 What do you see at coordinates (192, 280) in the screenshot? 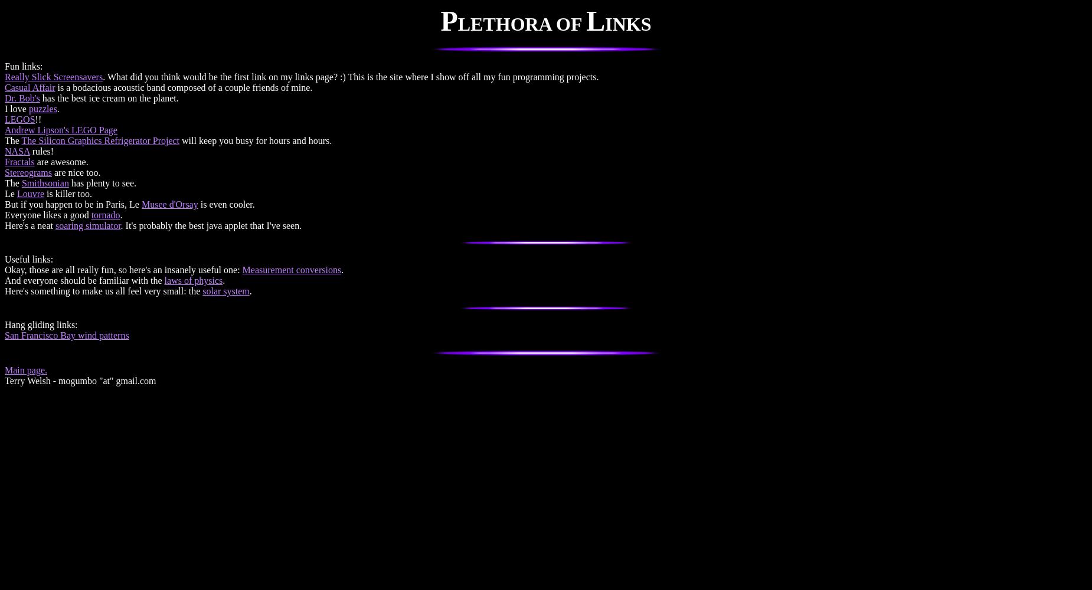
I see `'laws of physics'` at bounding box center [192, 280].